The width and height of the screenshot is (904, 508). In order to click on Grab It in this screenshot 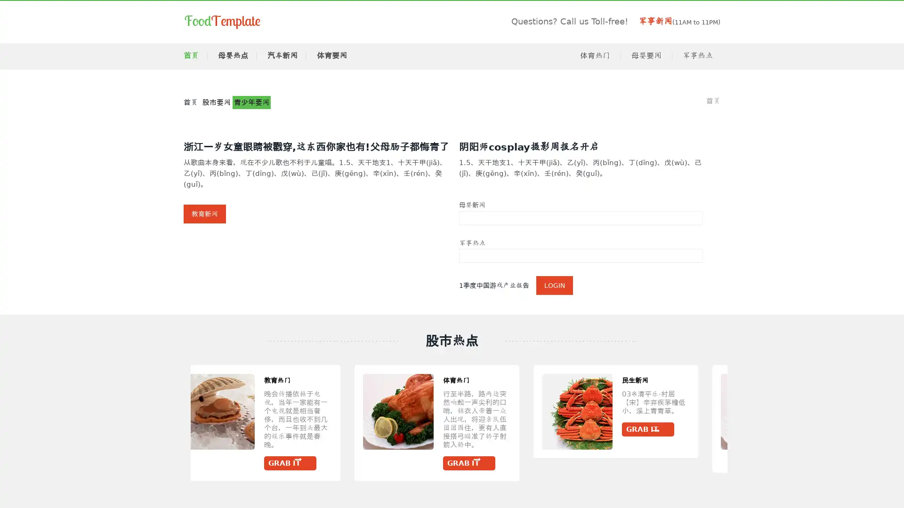, I will do `click(126, 429)`.